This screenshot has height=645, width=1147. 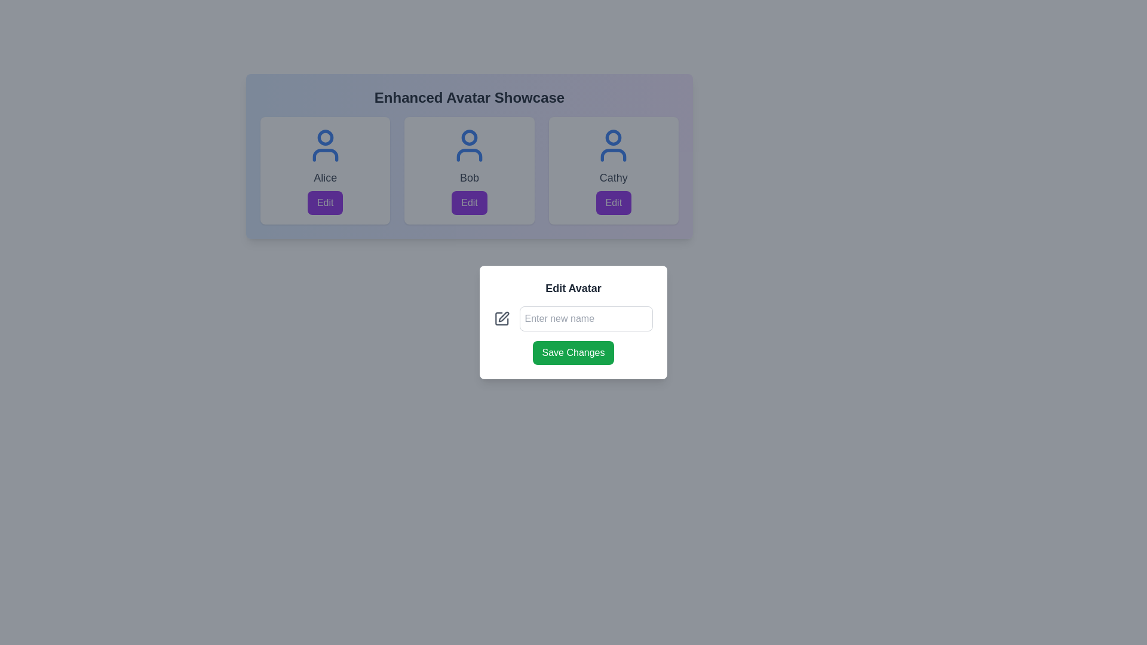 I want to click on the details of the icon associated with the input field labeled 'Enter new name', located at the top-left corner of the input field in the centered modal labeled 'Edit Avatar', so click(x=502, y=318).